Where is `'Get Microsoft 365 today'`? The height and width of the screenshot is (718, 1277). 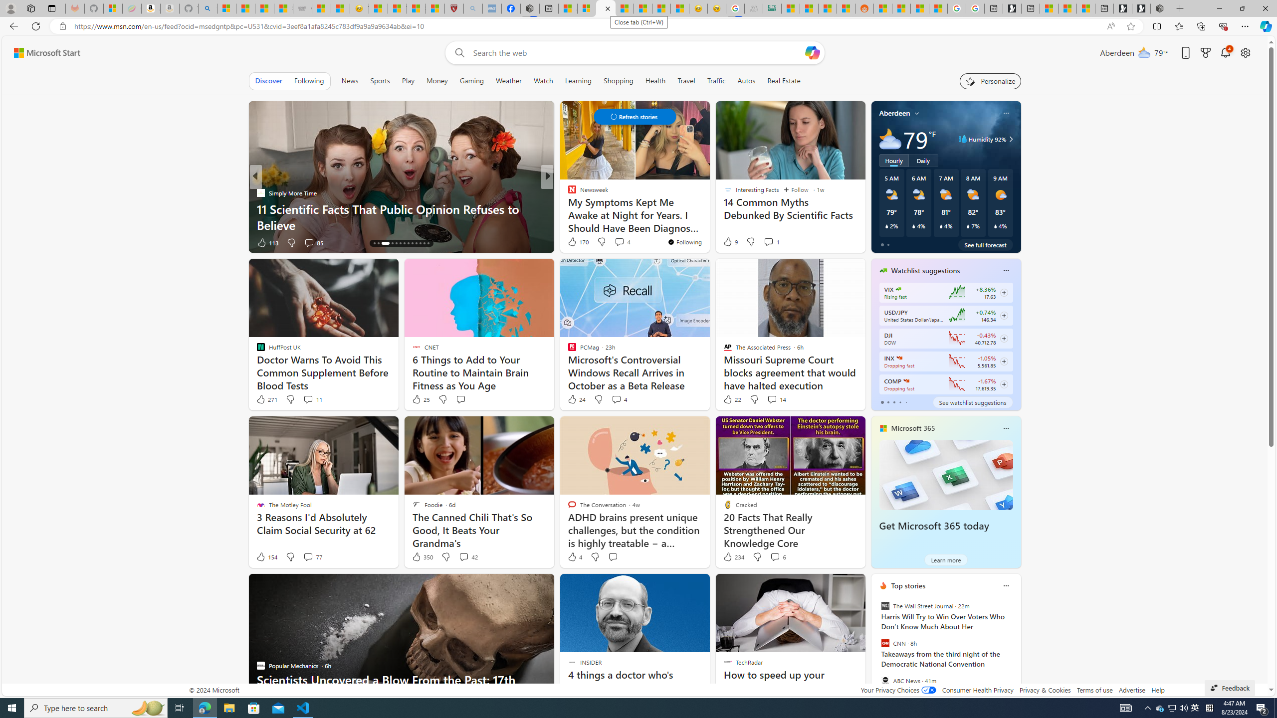 'Get Microsoft 365 today' is located at coordinates (933, 526).